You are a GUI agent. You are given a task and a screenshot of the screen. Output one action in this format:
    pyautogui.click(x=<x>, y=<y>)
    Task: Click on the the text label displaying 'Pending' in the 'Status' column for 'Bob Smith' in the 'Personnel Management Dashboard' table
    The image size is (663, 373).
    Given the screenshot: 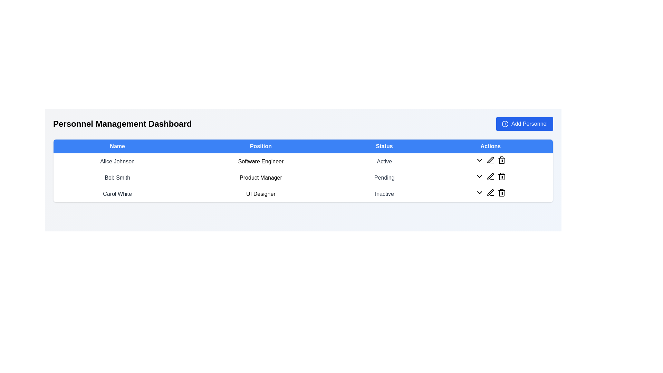 What is the action you would take?
    pyautogui.click(x=384, y=177)
    